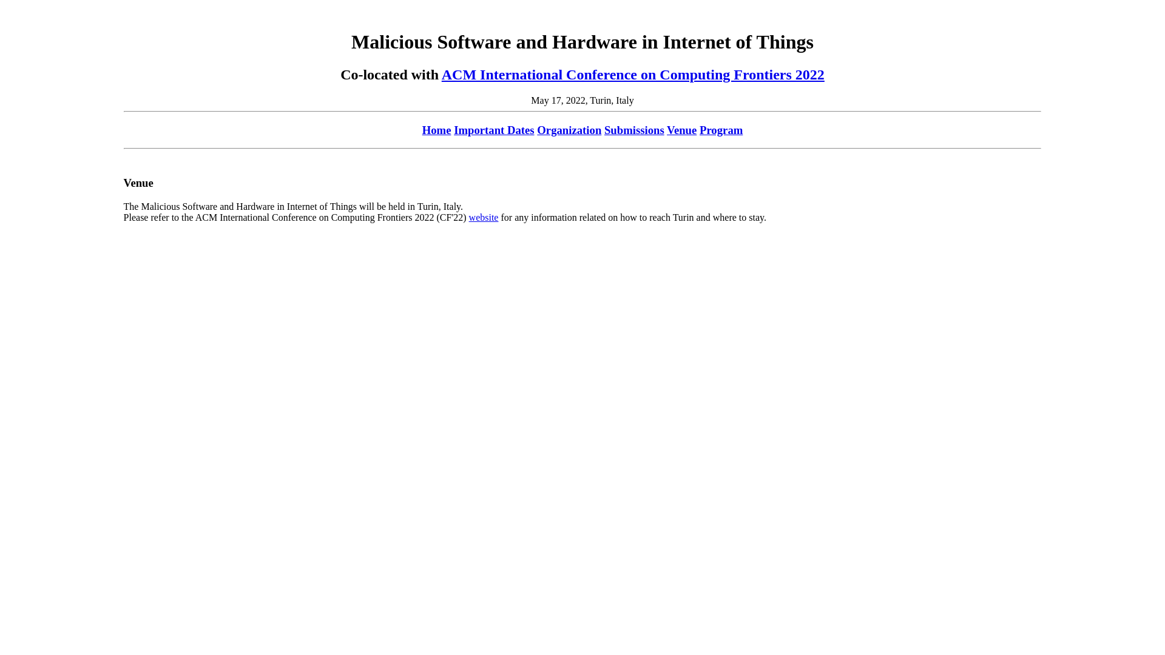 Image resolution: width=1165 pixels, height=655 pixels. What do you see at coordinates (681, 130) in the screenshot?
I see `'Venue'` at bounding box center [681, 130].